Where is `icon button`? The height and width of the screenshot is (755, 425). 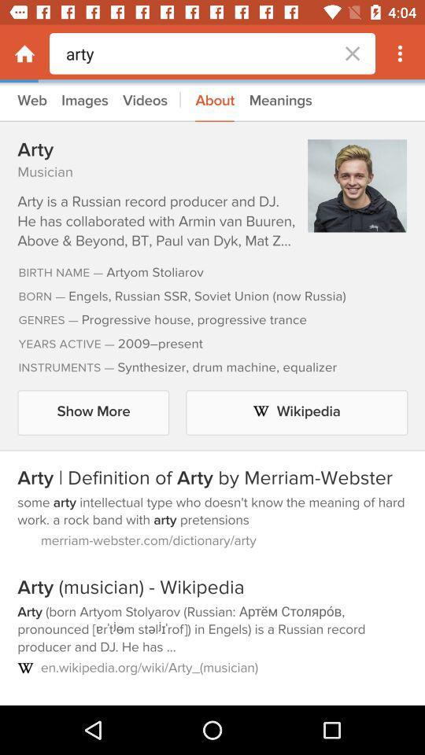 icon button is located at coordinates (400, 53).